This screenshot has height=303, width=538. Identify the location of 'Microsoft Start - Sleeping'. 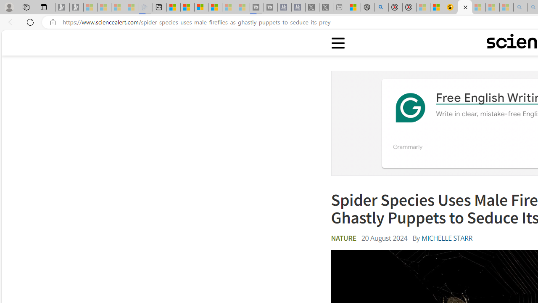
(229, 7).